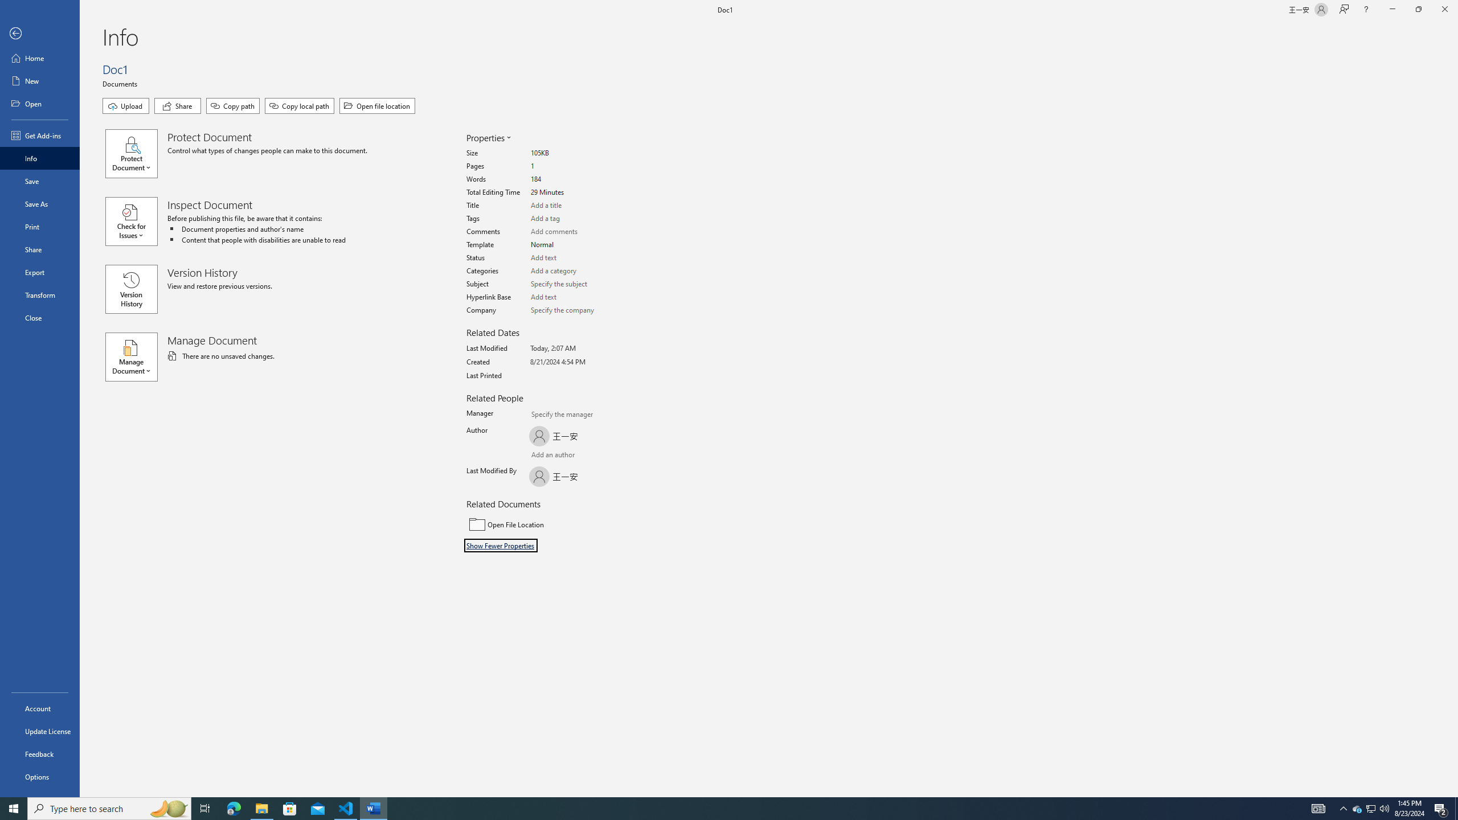 This screenshot has height=820, width=1458. I want to click on 'Account', so click(39, 708).